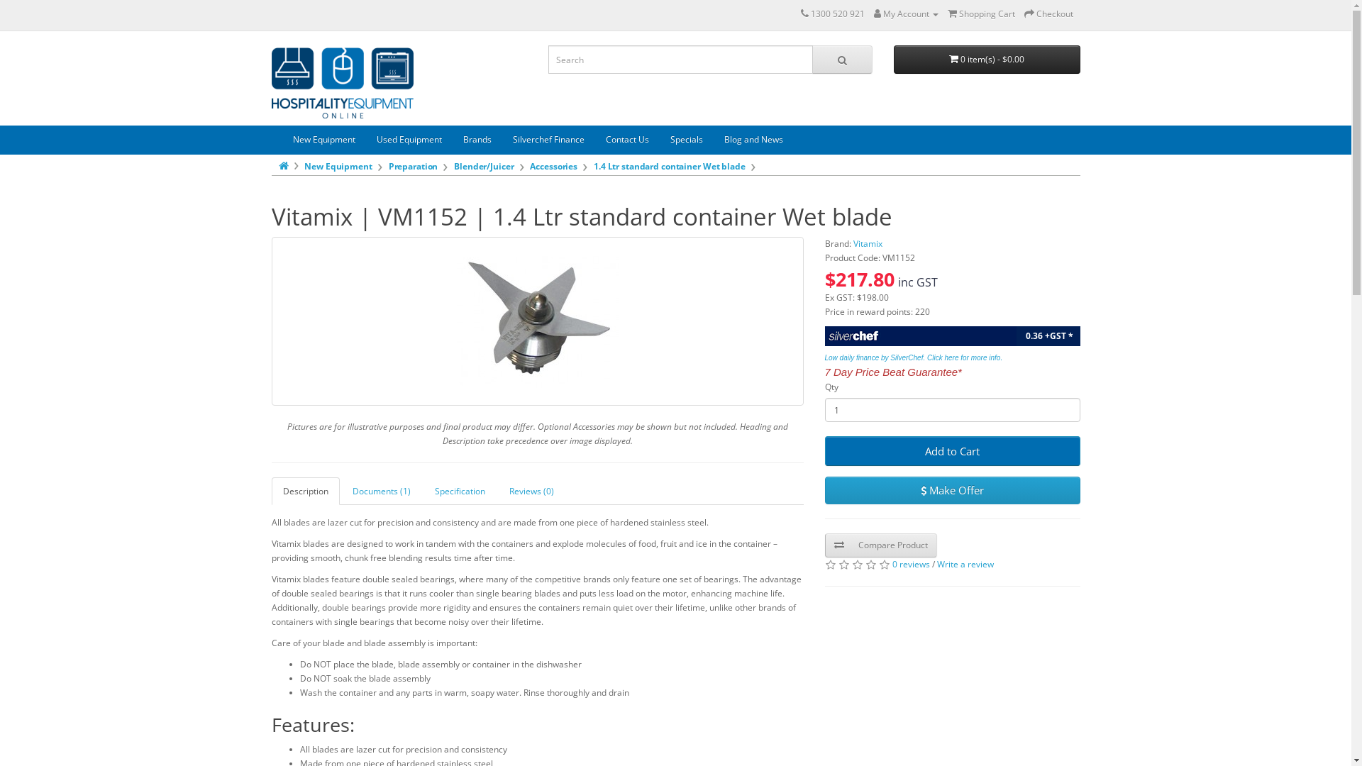  Describe the element at coordinates (913, 356) in the screenshot. I see `'Low daily finance by SilverChef. Click here for more info.'` at that location.